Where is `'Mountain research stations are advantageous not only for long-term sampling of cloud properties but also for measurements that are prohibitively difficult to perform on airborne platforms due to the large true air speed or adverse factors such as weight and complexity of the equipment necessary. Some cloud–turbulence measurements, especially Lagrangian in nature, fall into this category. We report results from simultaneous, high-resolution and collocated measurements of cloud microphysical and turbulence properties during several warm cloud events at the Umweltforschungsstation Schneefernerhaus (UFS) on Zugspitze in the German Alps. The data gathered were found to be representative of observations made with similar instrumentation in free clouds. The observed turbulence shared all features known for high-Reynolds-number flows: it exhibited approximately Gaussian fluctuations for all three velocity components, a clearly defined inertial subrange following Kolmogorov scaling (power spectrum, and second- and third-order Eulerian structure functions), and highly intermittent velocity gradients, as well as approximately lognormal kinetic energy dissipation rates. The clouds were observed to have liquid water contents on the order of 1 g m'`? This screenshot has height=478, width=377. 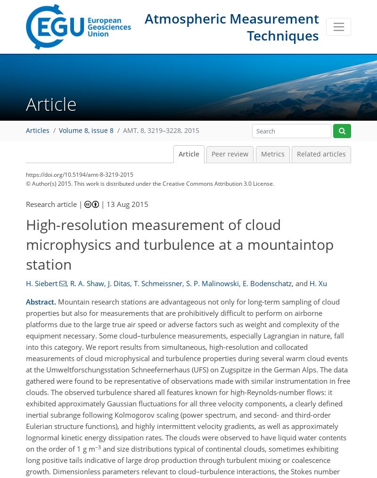
'Mountain research stations are advantageous not only for long-term sampling of cloud properties but also for measurements that are prohibitively difficult to perform on airborne platforms due to the large true air speed or adverse factors such as weight and complexity of the equipment necessary. Some cloud–turbulence measurements, especially Lagrangian in nature, fall into this category. We report results from simultaneous, high-resolution and collocated measurements of cloud microphysical and turbulence properties during several warm cloud events at the Umweltforschungsstation Schneefernerhaus (UFS) on Zugspitze in the German Alps. The data gathered were found to be representative of observations made with similar instrumentation in free clouds. The observed turbulence shared all features known for high-Reynolds-number flows: it exhibited approximately Gaussian fluctuations for all three velocity components, a clearly defined inertial subrange following Kolmogorov scaling (power spectrum, and second- and third-order Eulerian structure functions), and highly intermittent velocity gradients, as well as approximately lognormal kinetic energy dissipation rates. The clouds were observed to have liquid water contents on the order of 1 g m' is located at coordinates (187, 375).